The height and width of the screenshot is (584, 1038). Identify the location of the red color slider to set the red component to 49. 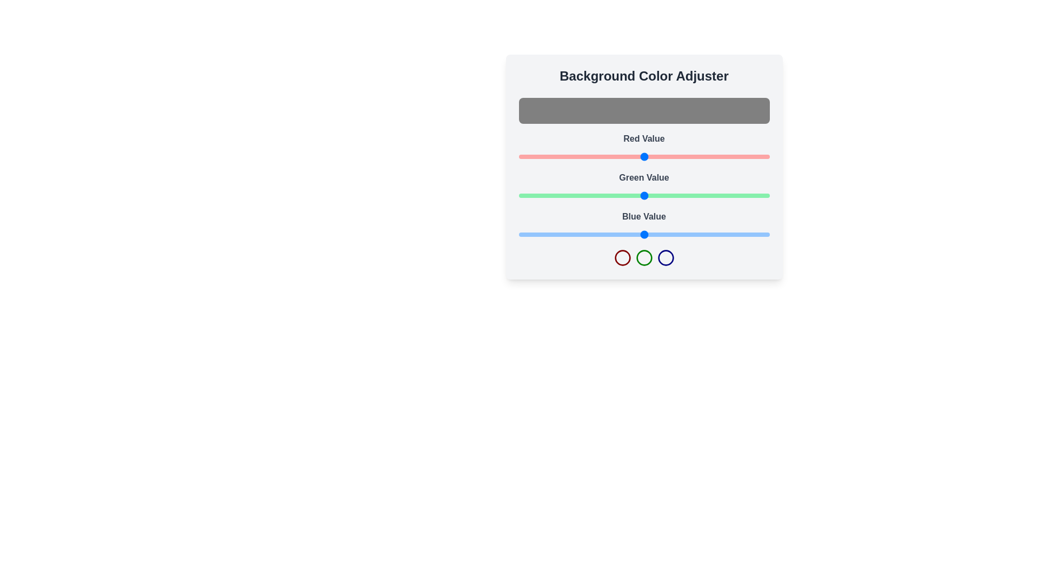
(566, 156).